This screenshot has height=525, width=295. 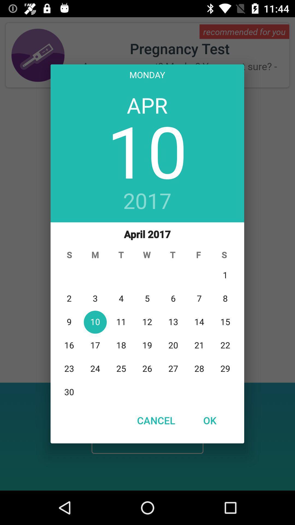 I want to click on item to the right of cancel, so click(x=209, y=420).